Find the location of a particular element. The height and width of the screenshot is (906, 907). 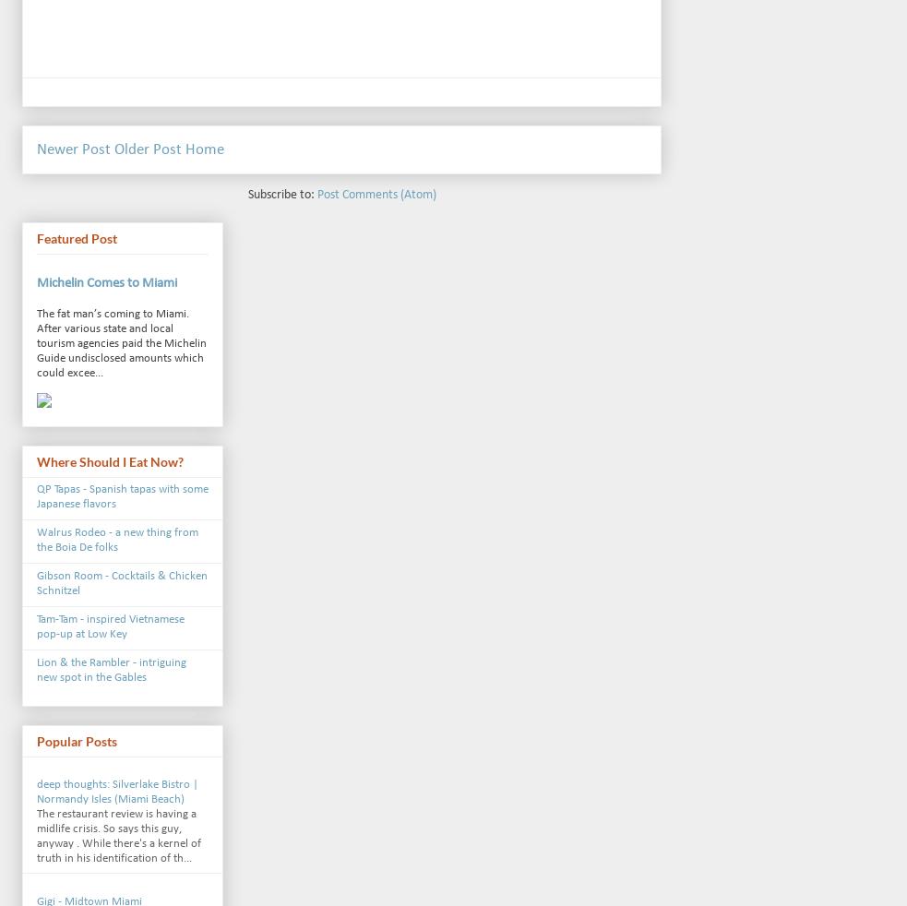

'The fat man’s coming to Miami. After various state and local tourism agencies paid the Michelin Guide  undisclosed amounts which could excee...' is located at coordinates (36, 342).